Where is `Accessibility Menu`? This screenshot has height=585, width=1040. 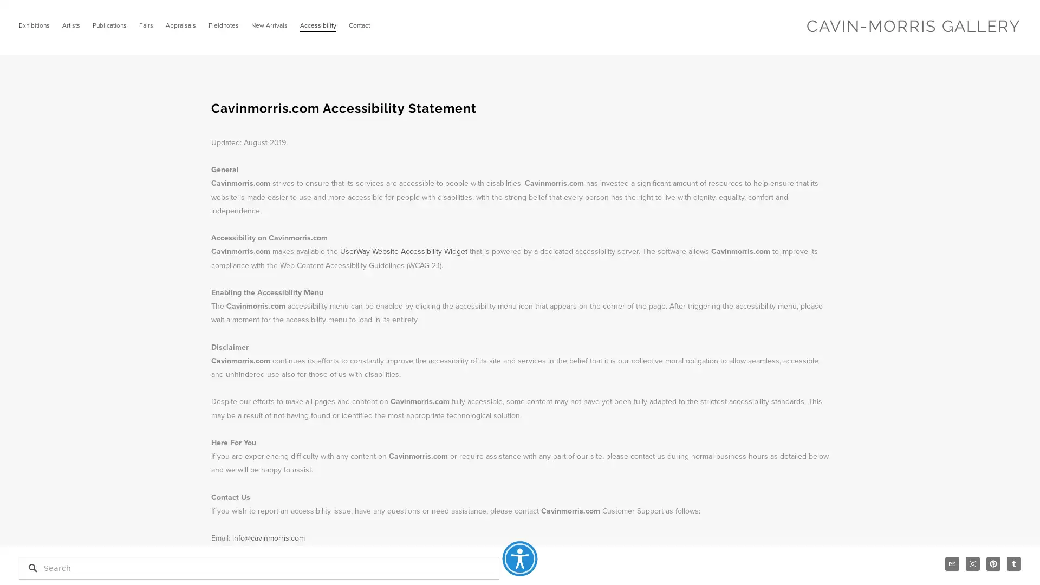
Accessibility Menu is located at coordinates (519, 558).